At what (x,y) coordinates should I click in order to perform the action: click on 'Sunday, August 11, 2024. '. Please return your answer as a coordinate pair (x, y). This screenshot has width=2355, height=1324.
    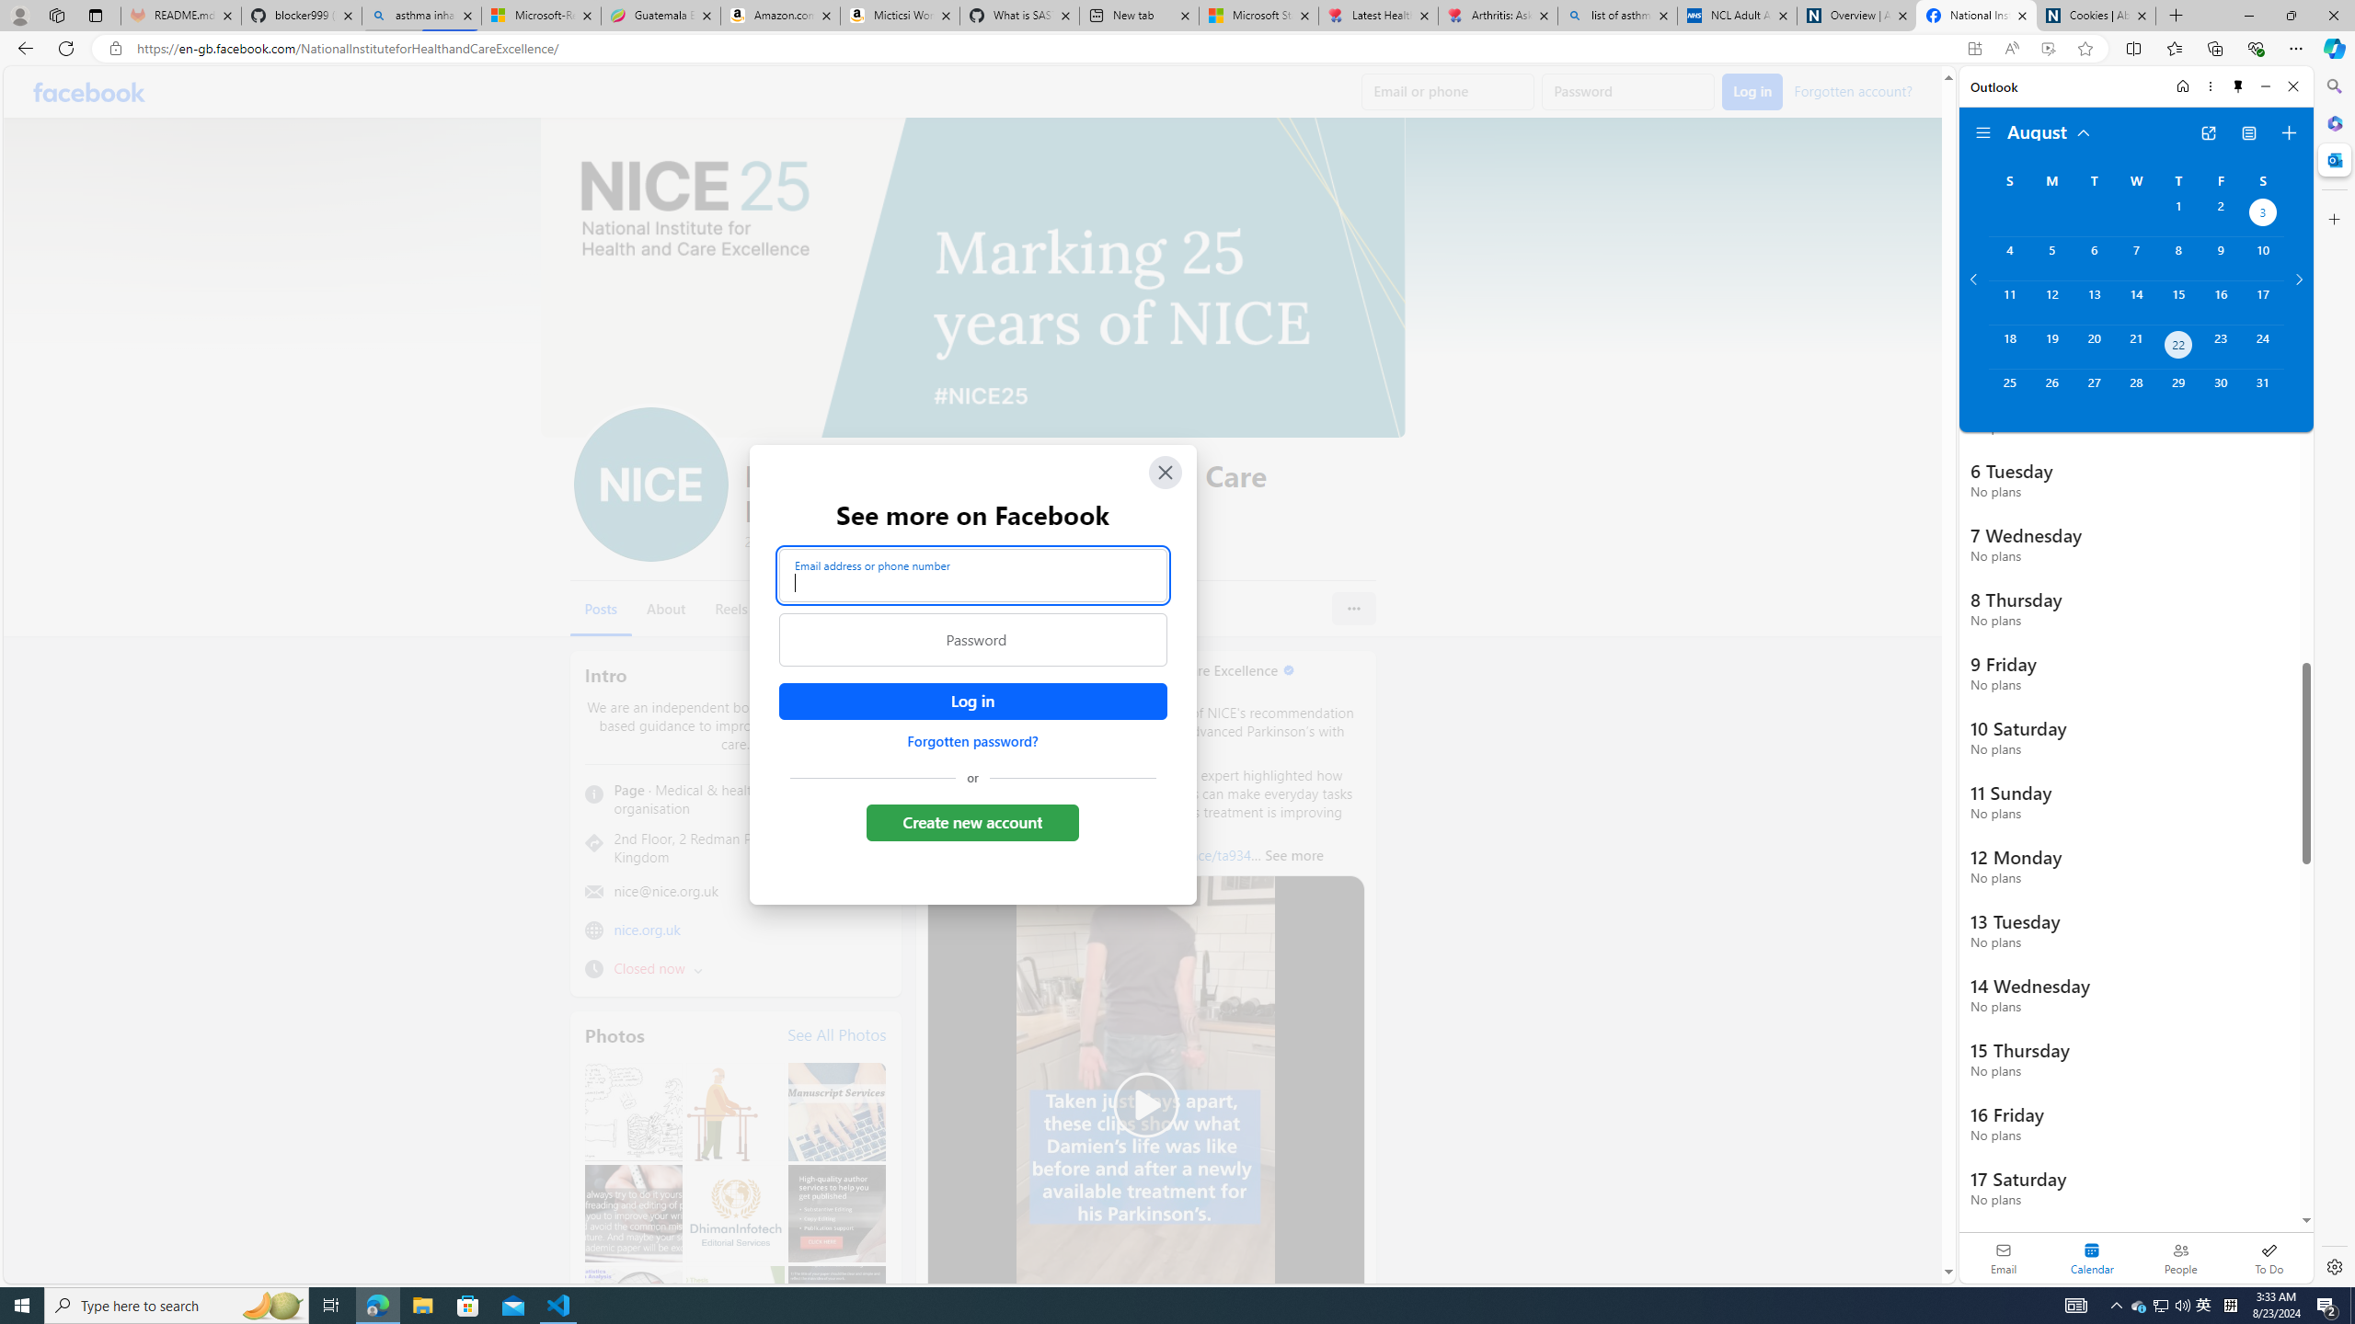
    Looking at the image, I should click on (2009, 302).